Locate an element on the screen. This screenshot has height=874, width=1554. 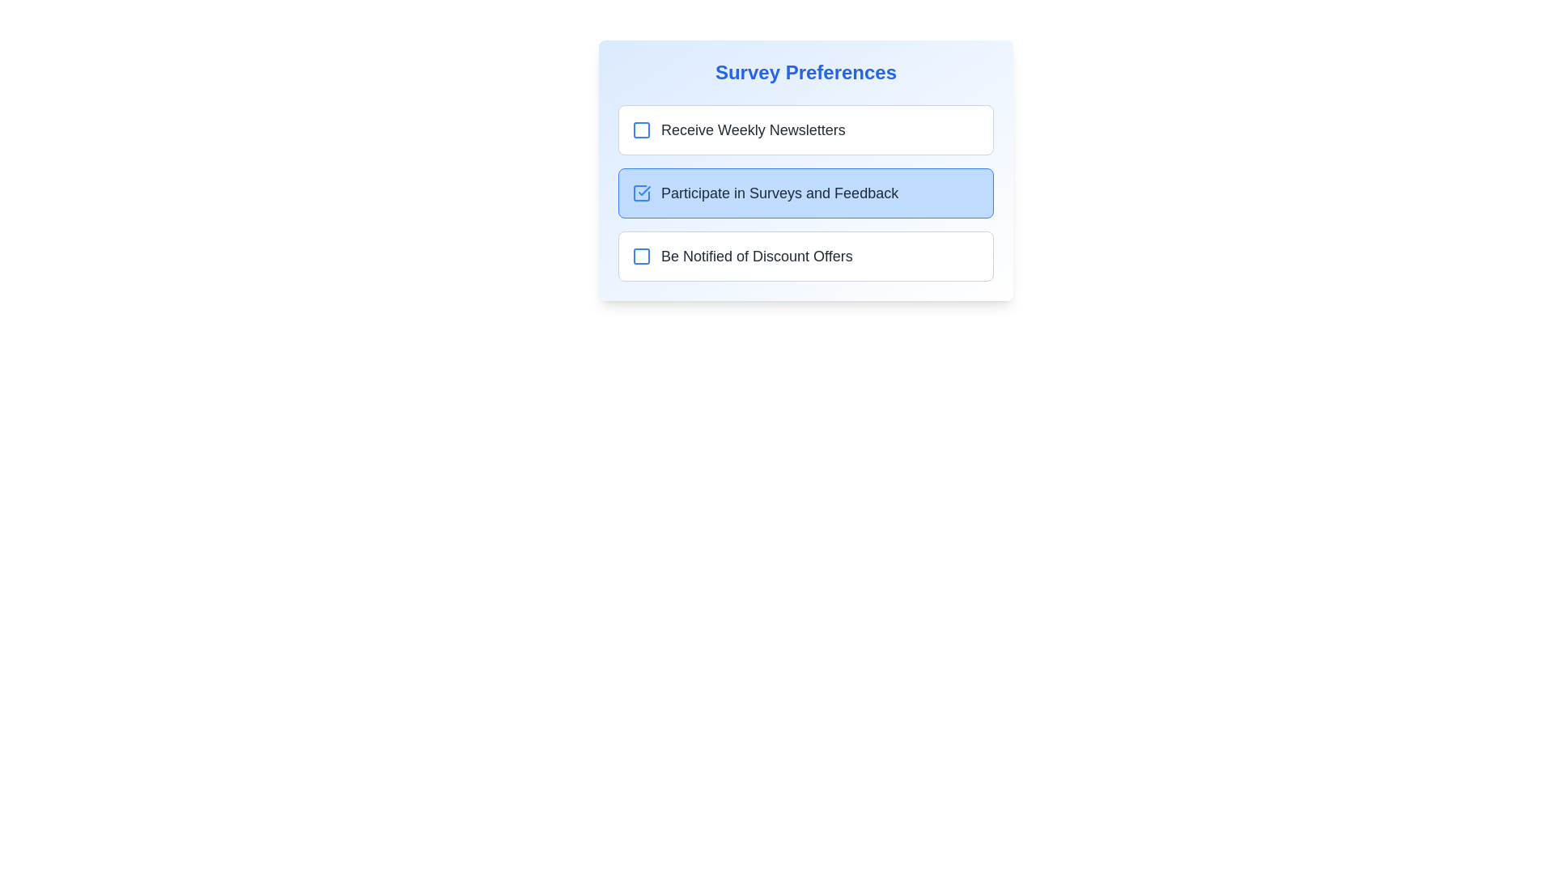
the checkbox component represented by a rounded rectangle with a thin outline, located to the left of the label 'Receive Weekly Newsletters' in the 'Survey Preferences' section is located at coordinates (640, 129).